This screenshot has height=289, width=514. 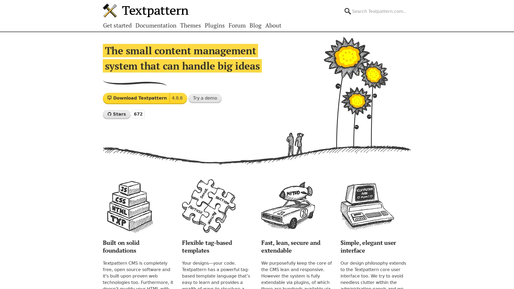 I want to click on Submit Search, so click(x=411, y=6).